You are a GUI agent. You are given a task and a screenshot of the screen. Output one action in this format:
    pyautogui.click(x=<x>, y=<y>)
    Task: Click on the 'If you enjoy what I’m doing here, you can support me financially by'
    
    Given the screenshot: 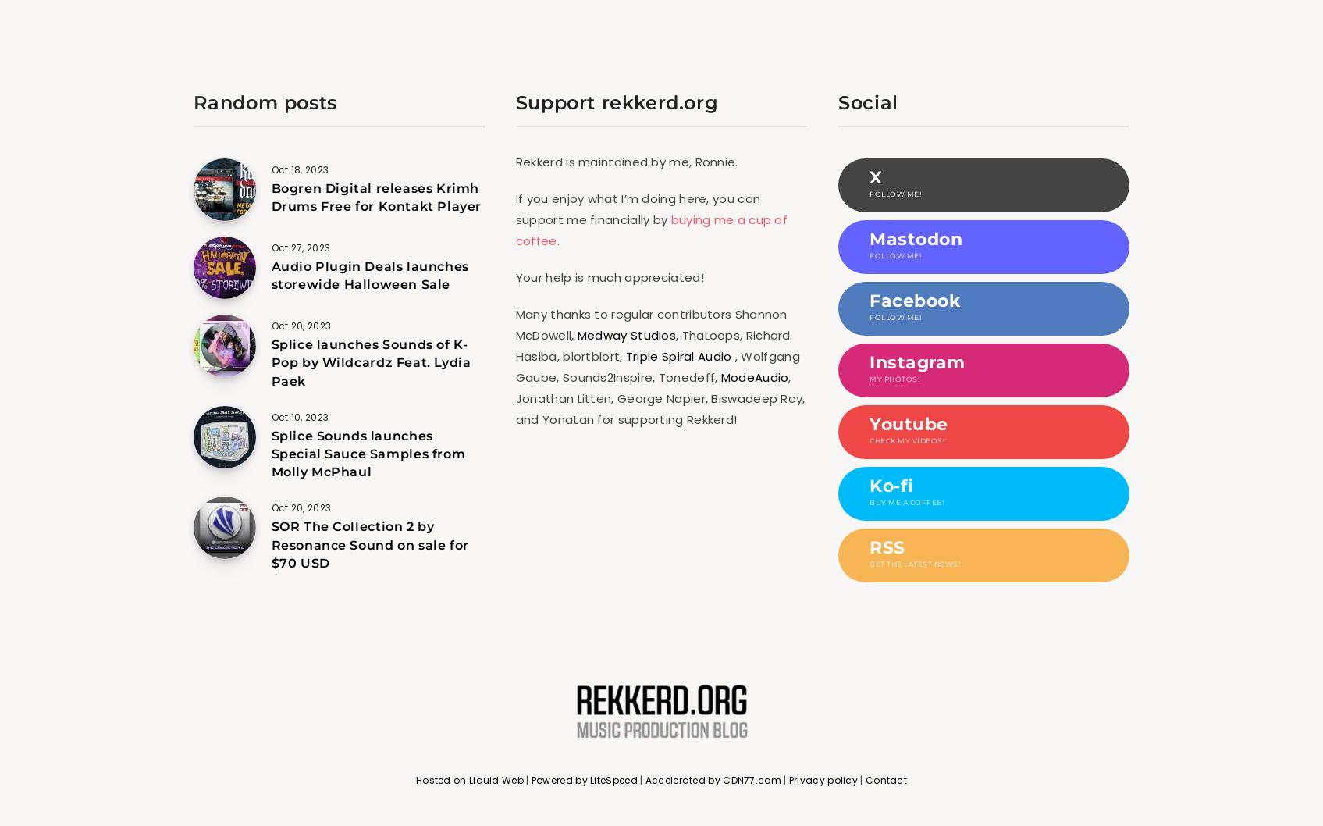 What is the action you would take?
    pyautogui.click(x=515, y=208)
    